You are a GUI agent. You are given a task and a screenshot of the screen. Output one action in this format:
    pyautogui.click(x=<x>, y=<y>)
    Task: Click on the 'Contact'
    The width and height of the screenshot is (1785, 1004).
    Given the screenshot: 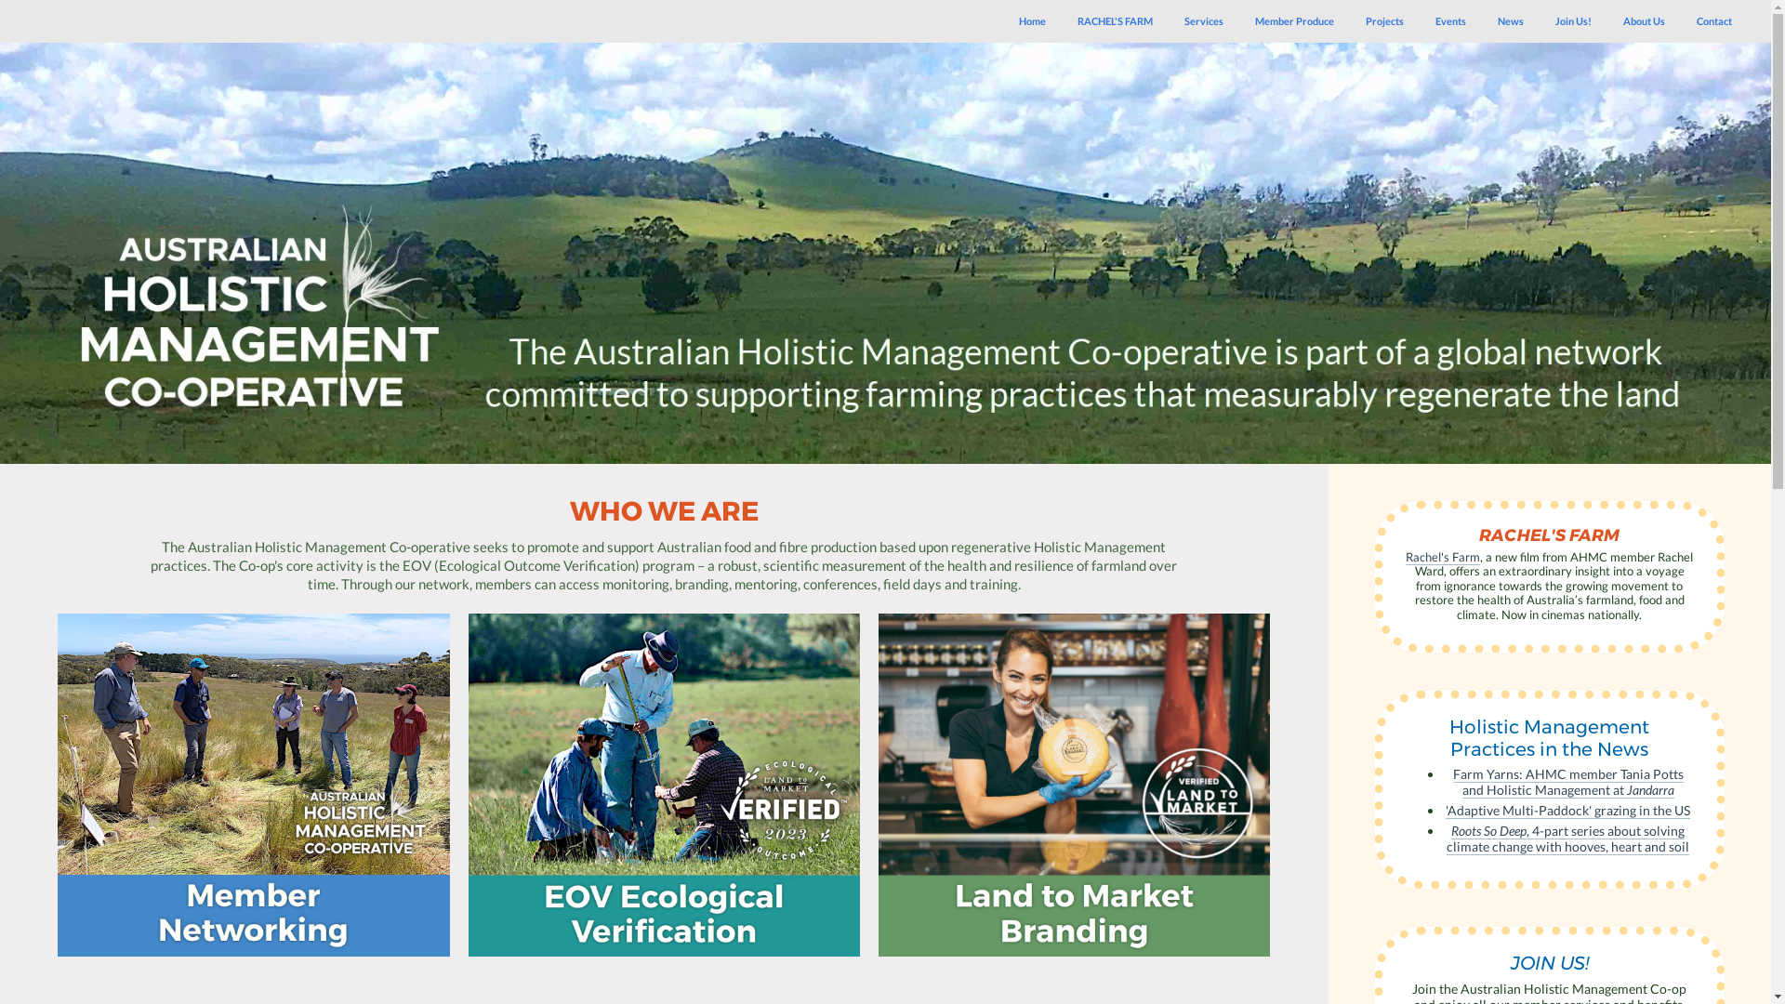 What is the action you would take?
    pyautogui.click(x=1712, y=21)
    